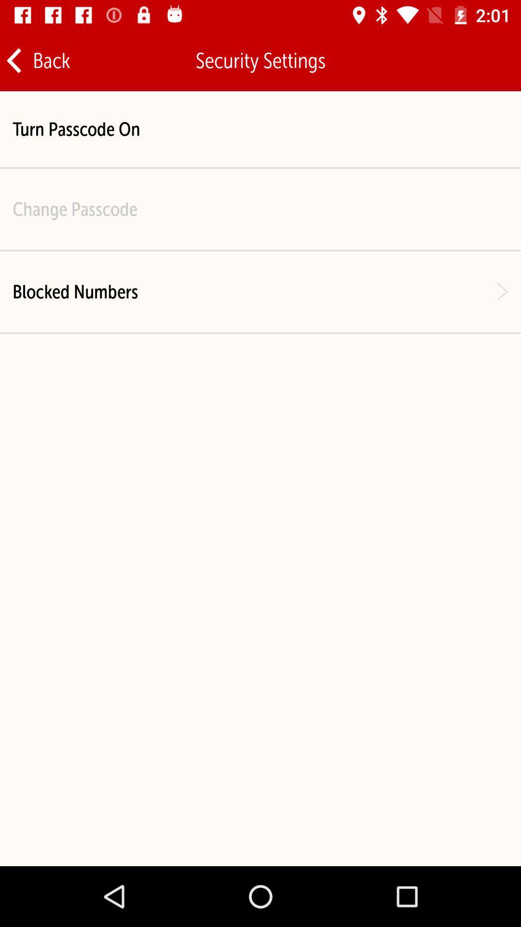 The width and height of the screenshot is (521, 927). Describe the element at coordinates (76, 128) in the screenshot. I see `the icon above change passcode` at that location.